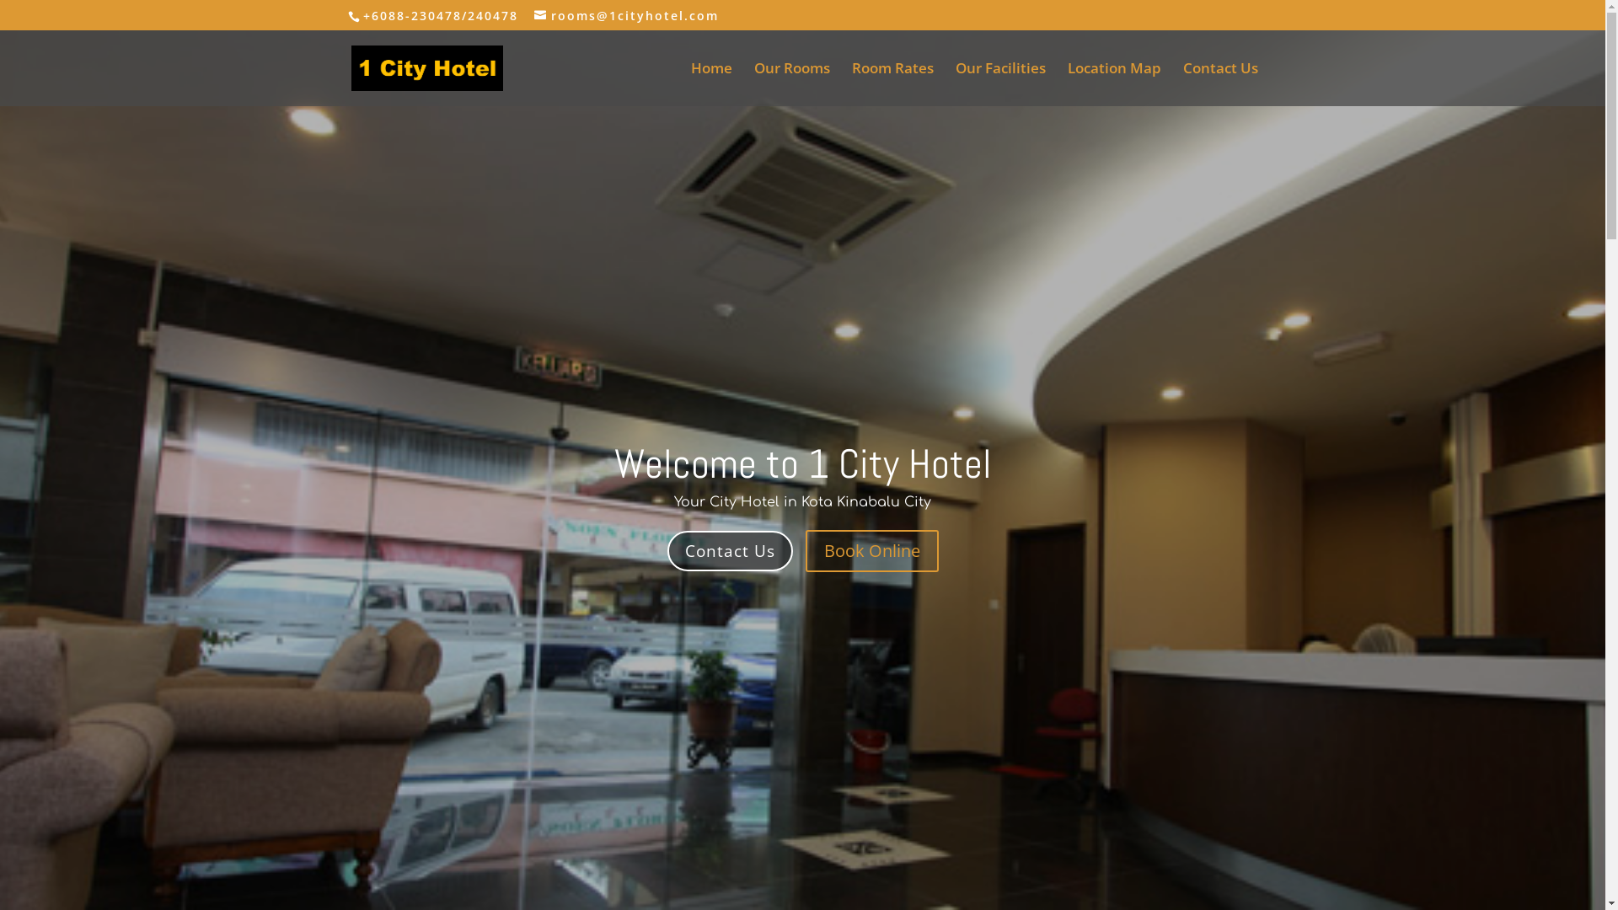 The image size is (1618, 910). What do you see at coordinates (1220, 84) in the screenshot?
I see `'Contact Us'` at bounding box center [1220, 84].